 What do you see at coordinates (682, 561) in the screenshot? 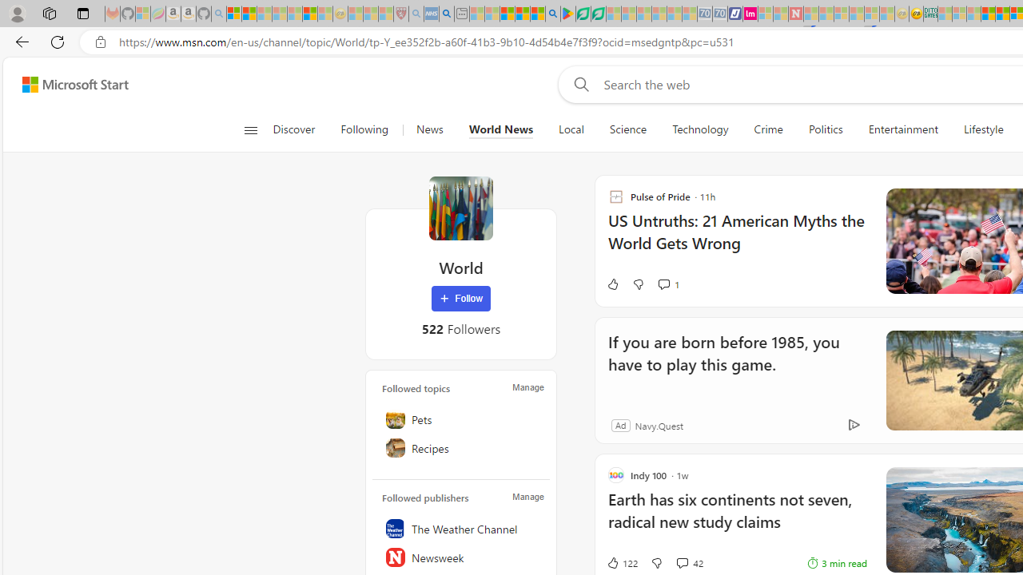
I see `'View comments 42 Comment'` at bounding box center [682, 561].